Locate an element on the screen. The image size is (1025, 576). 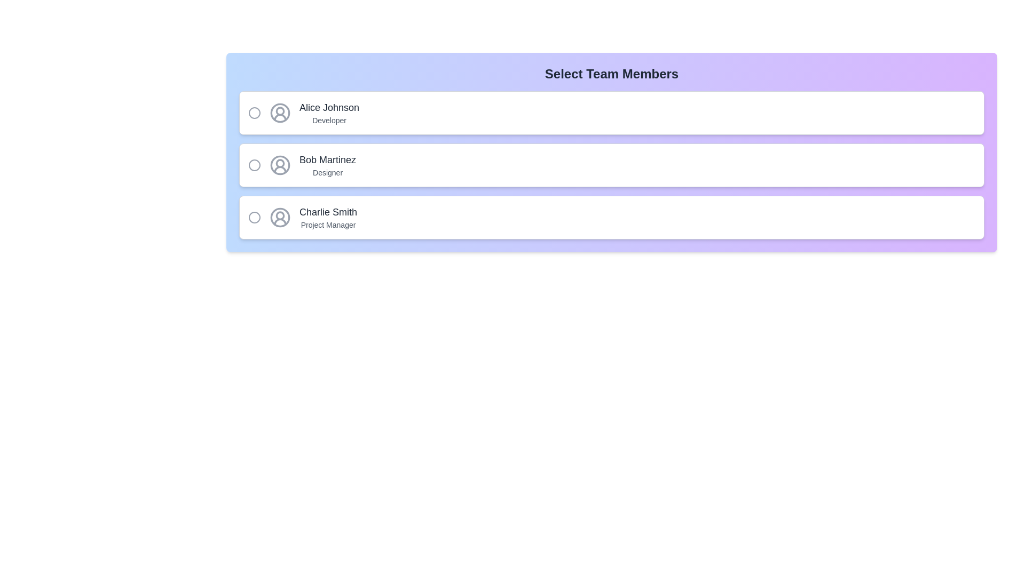
the radio button for 'Alice Johnson Developer', which is the leftmost component in the first row of the user selection list is located at coordinates (254, 113).